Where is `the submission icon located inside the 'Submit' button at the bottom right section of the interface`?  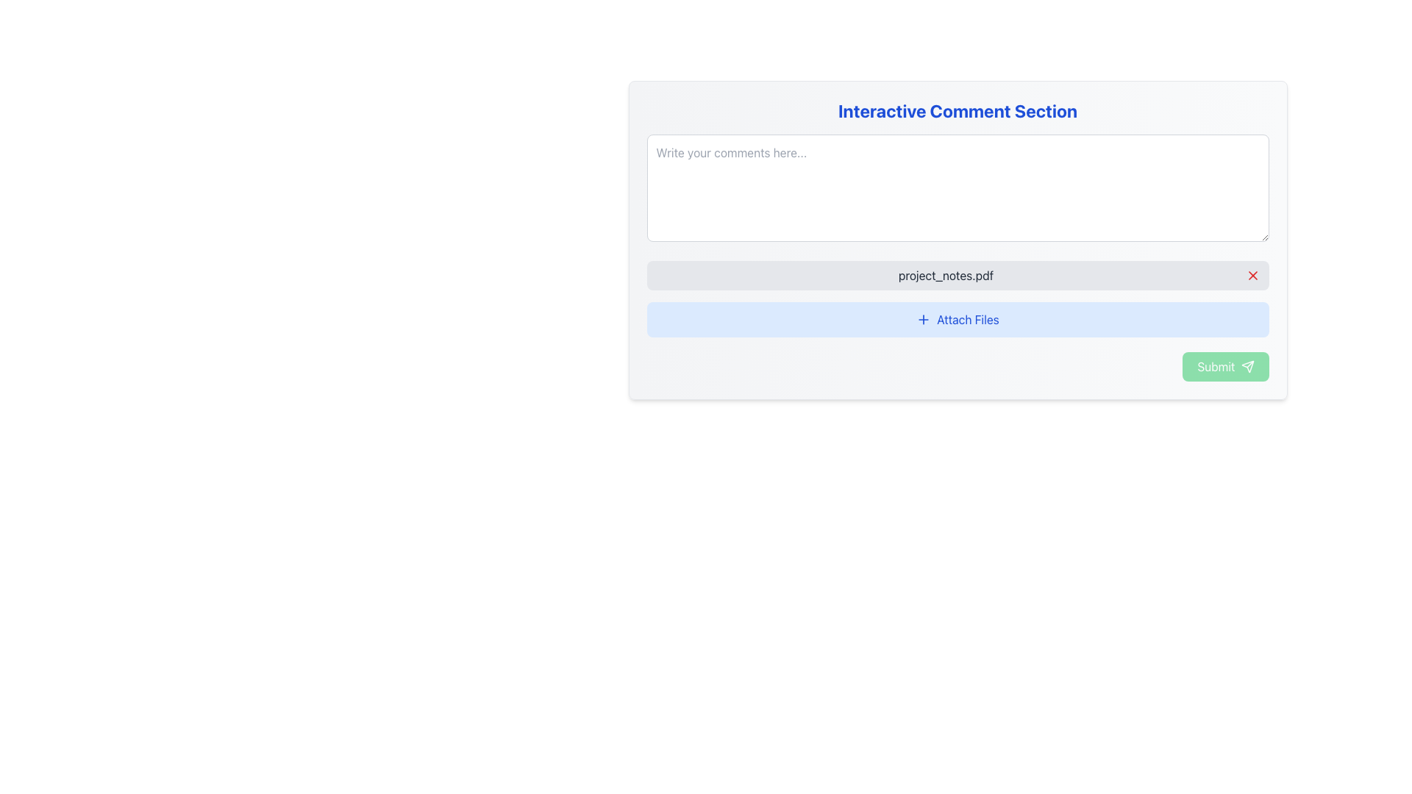
the submission icon located inside the 'Submit' button at the bottom right section of the interface is located at coordinates (1247, 365).